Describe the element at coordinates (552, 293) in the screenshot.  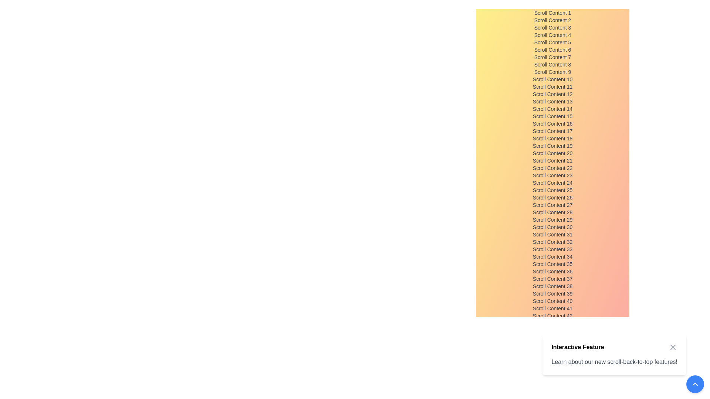
I see `the static text label displaying 'Scroll Content 39', which is the 39th item in a vertically scrollable list` at that location.